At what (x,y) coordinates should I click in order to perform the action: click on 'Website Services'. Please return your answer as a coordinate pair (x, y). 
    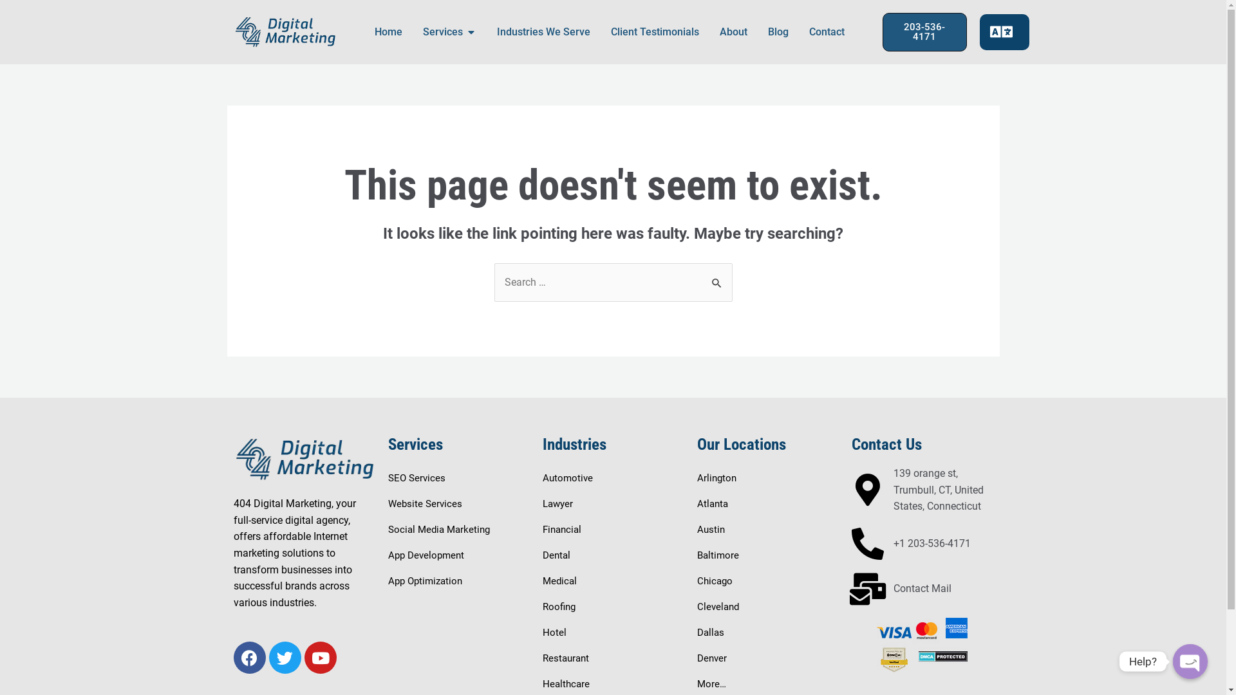
    Looking at the image, I should click on (424, 503).